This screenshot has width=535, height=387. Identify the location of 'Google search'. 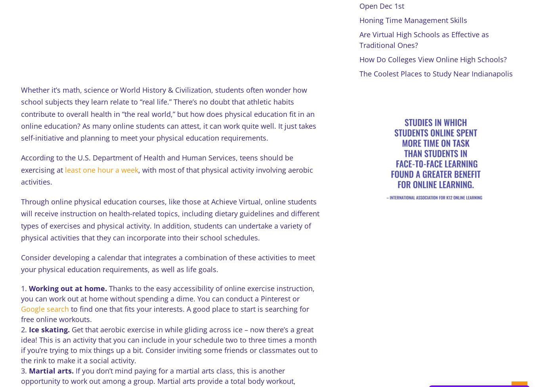
(44, 309).